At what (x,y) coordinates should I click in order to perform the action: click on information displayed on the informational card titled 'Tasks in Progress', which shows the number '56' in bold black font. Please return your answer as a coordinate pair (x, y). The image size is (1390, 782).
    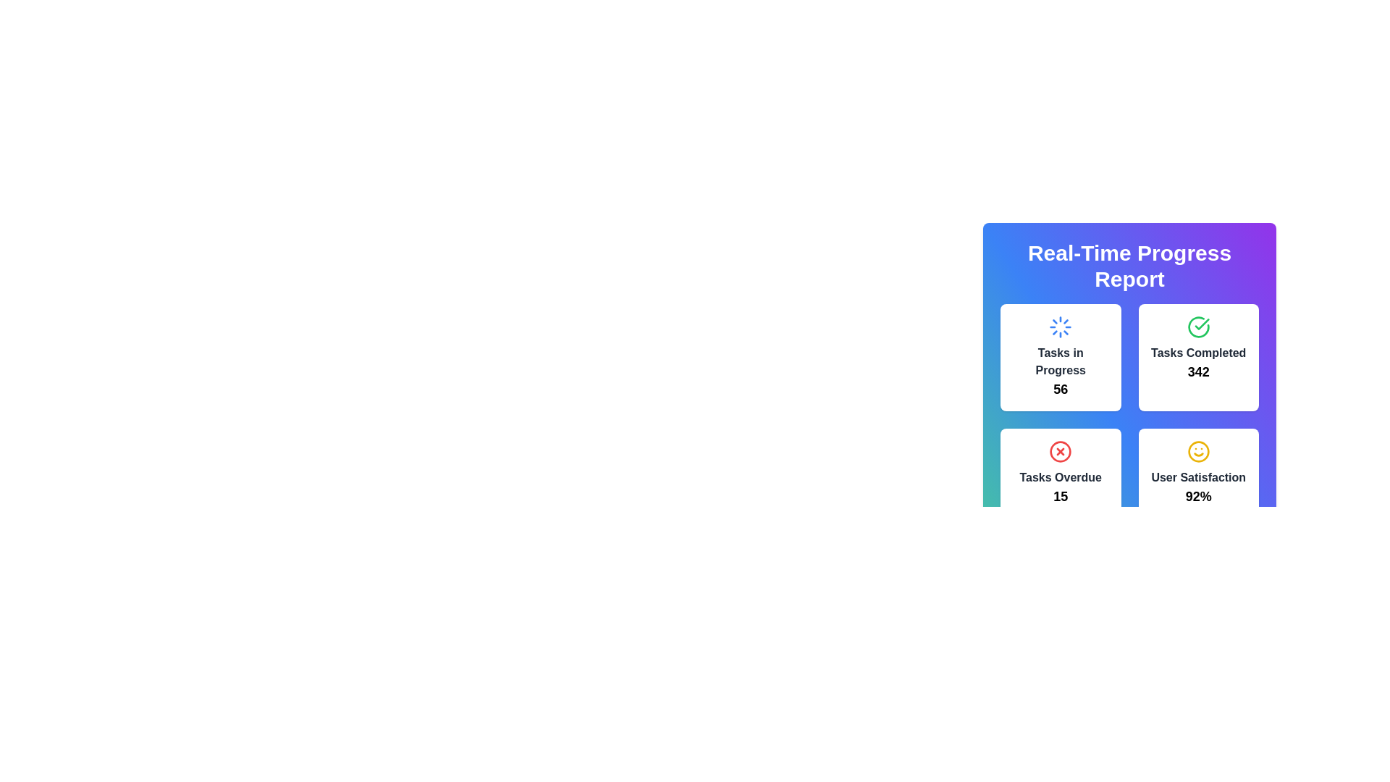
    Looking at the image, I should click on (1061, 357).